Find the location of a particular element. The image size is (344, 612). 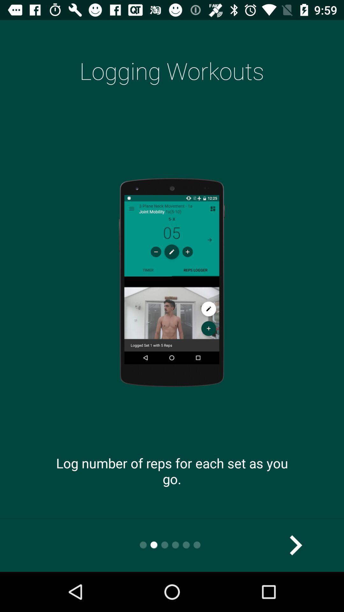

the arrow_forward icon is located at coordinates (295, 545).